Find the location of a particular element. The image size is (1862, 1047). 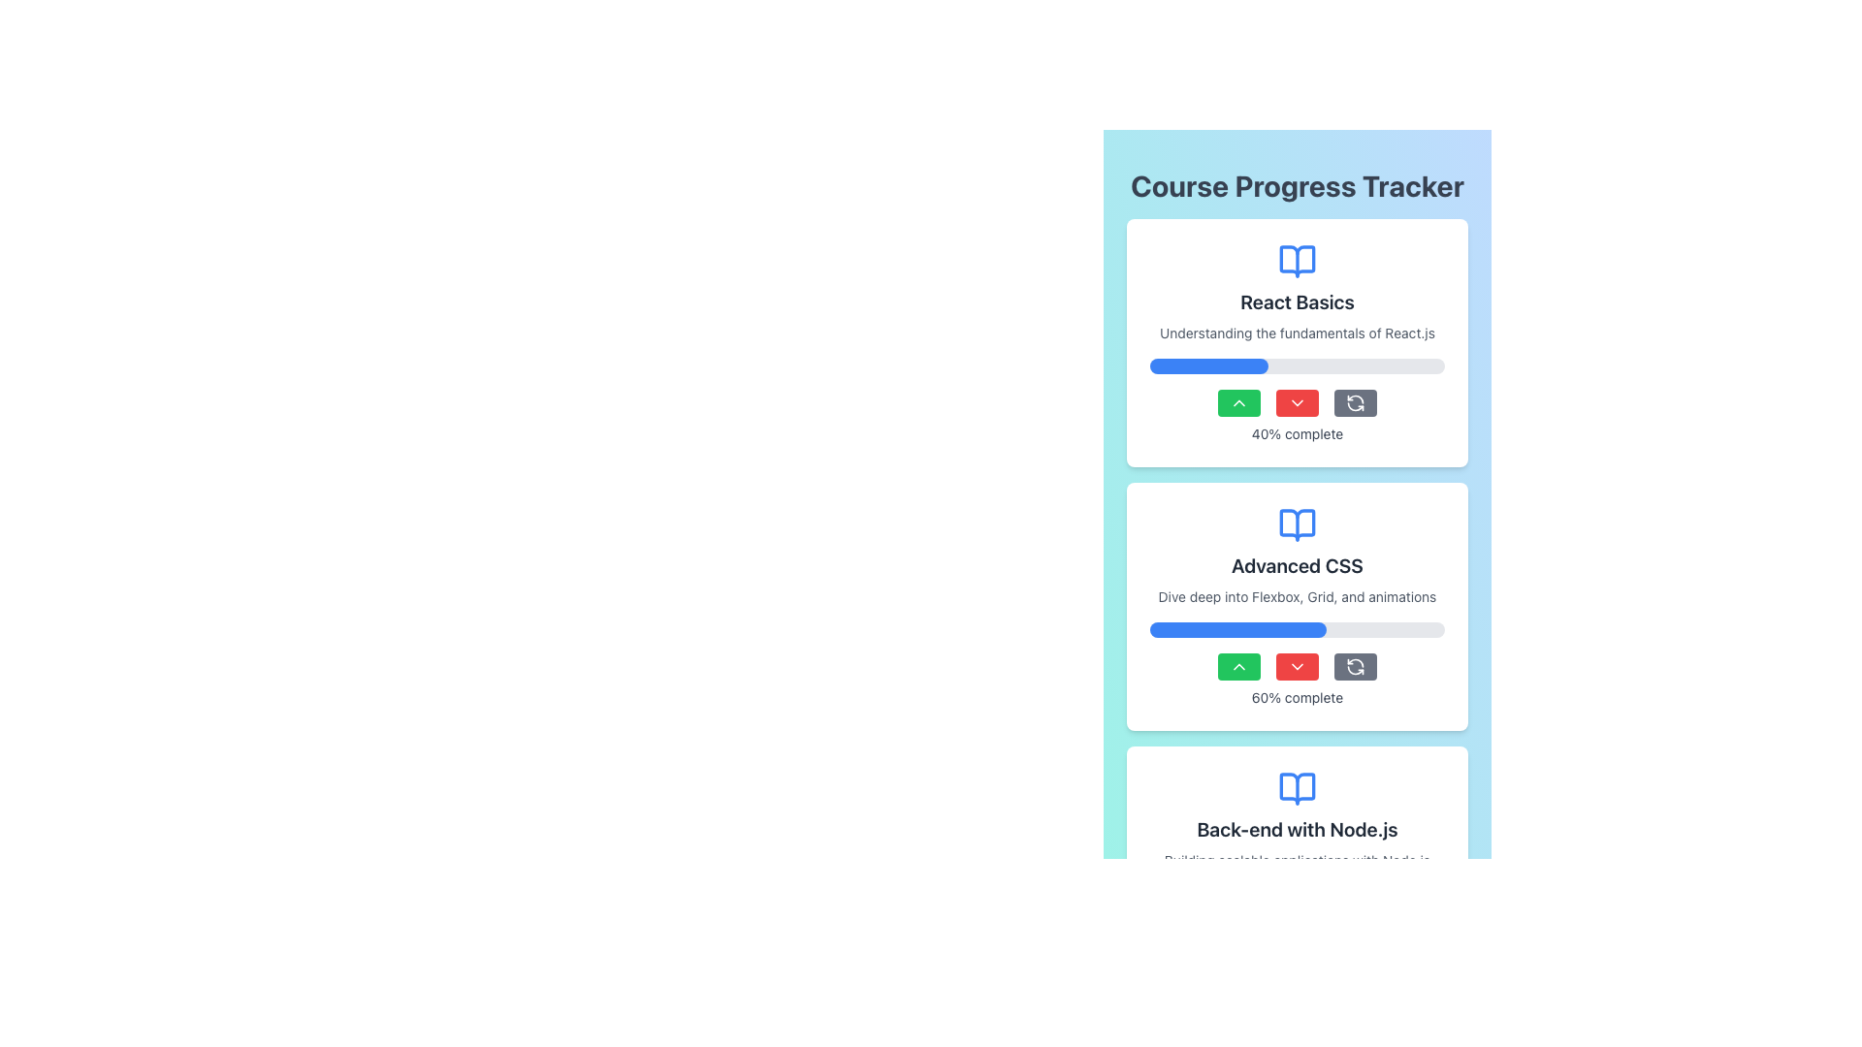

the text label displaying the completion percentage of the 'Advanced CSS' learning module, located at the bottom of the progress card is located at coordinates (1298, 698).